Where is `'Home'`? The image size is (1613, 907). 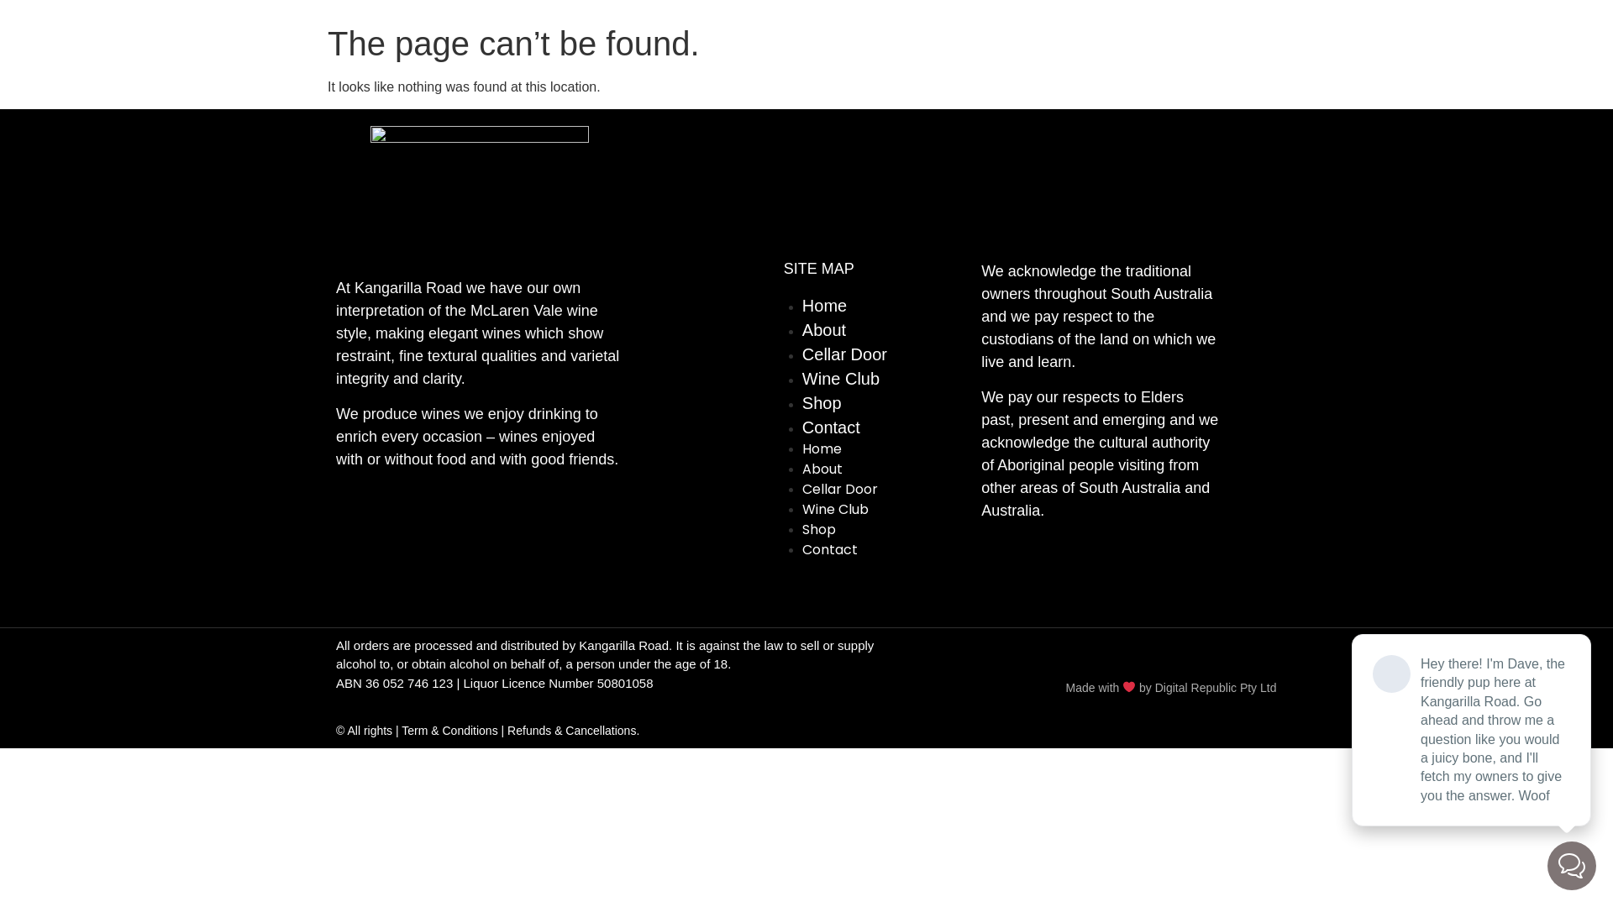
'Home' is located at coordinates (801, 305).